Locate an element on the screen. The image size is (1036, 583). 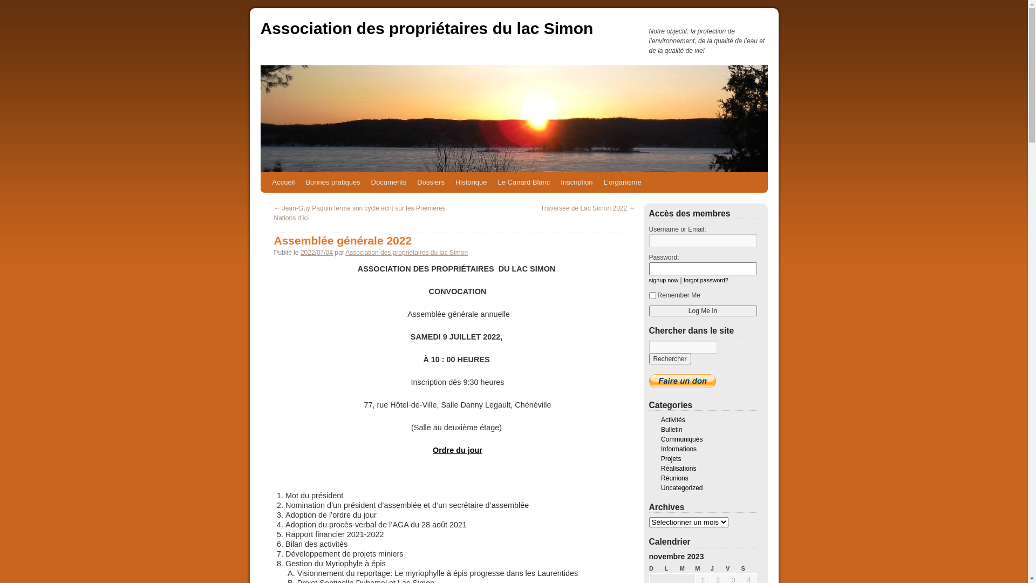
'Informations' is located at coordinates (678, 449).